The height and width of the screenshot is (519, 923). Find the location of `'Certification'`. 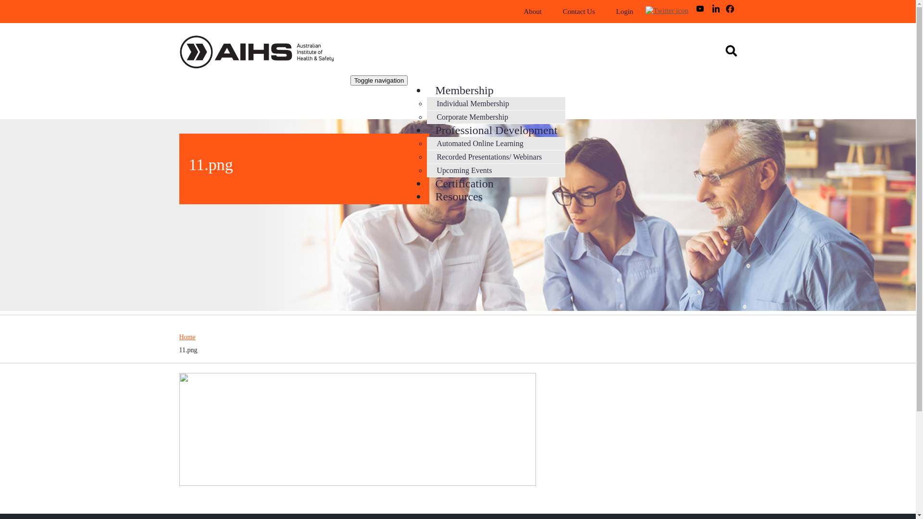

'Certification' is located at coordinates (464, 183).